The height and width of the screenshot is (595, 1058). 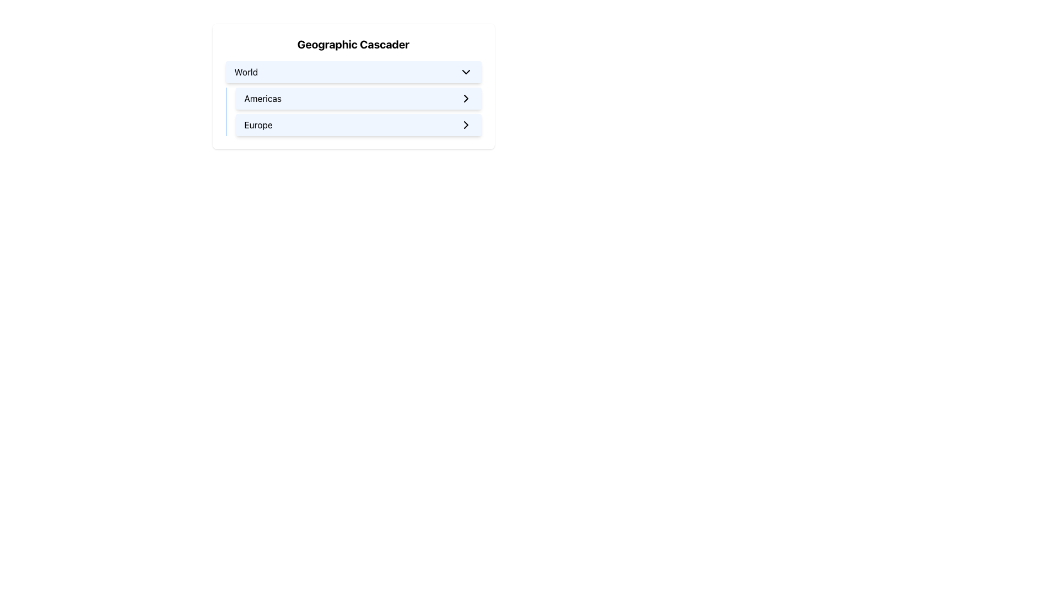 What do you see at coordinates (353, 44) in the screenshot?
I see `label of the Text Display element, which serves as the title or heading for the section above the cascading buttons labeled 'World', 'Americas', and 'Europe'` at bounding box center [353, 44].